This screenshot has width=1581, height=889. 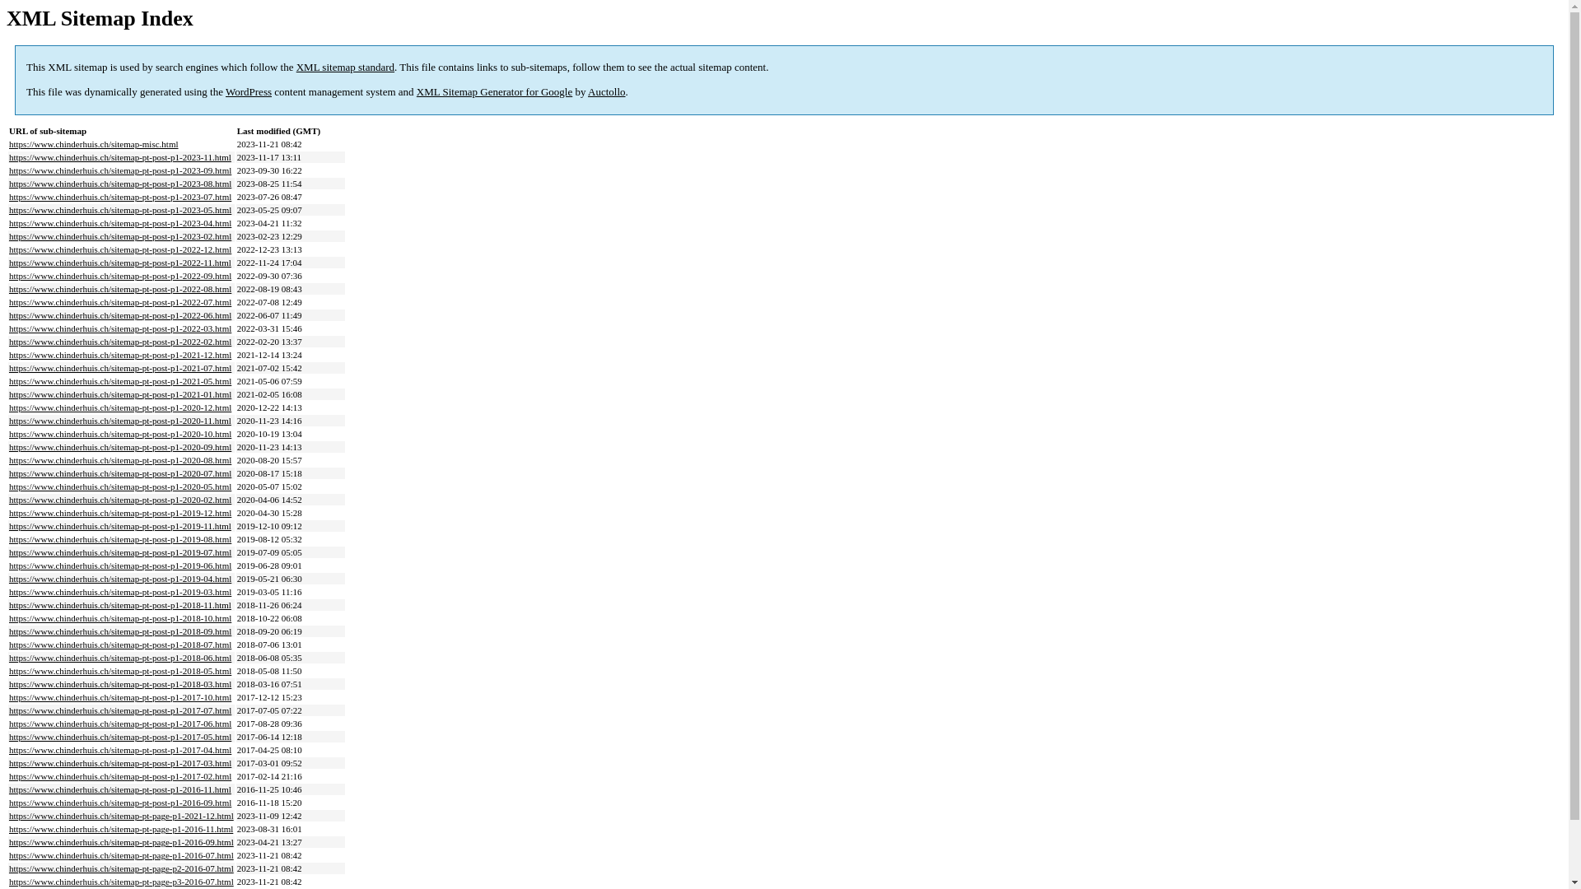 I want to click on 'https://www.chinderhuis.ch/sitemap-pt-post-p1-2017-10.html', so click(x=119, y=697).